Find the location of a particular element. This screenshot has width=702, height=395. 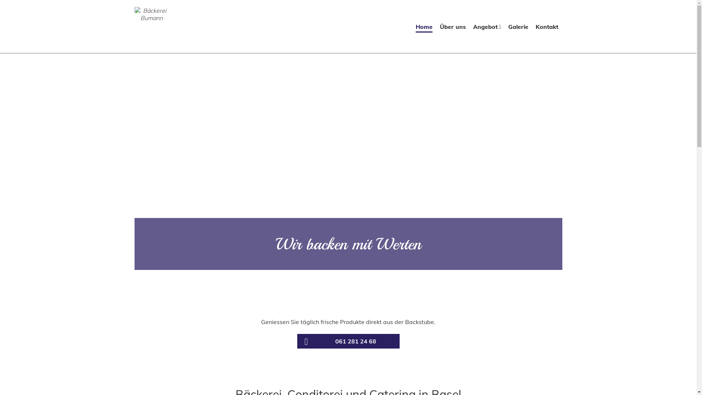

'Home' is located at coordinates (424, 27).